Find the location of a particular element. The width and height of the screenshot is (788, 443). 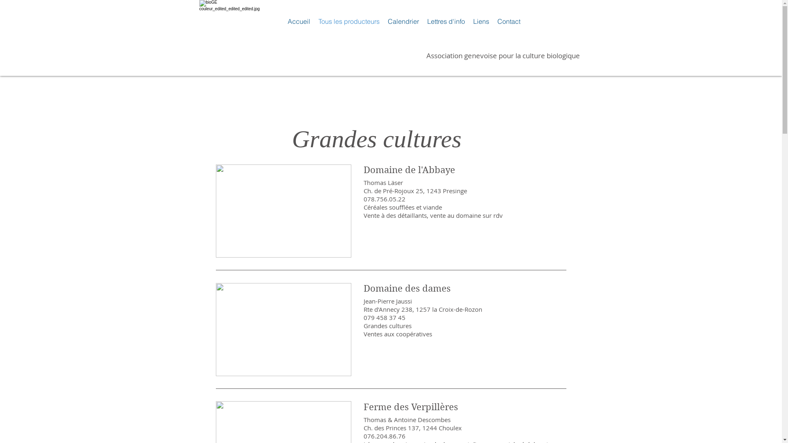

'Accueil' is located at coordinates (298, 21).